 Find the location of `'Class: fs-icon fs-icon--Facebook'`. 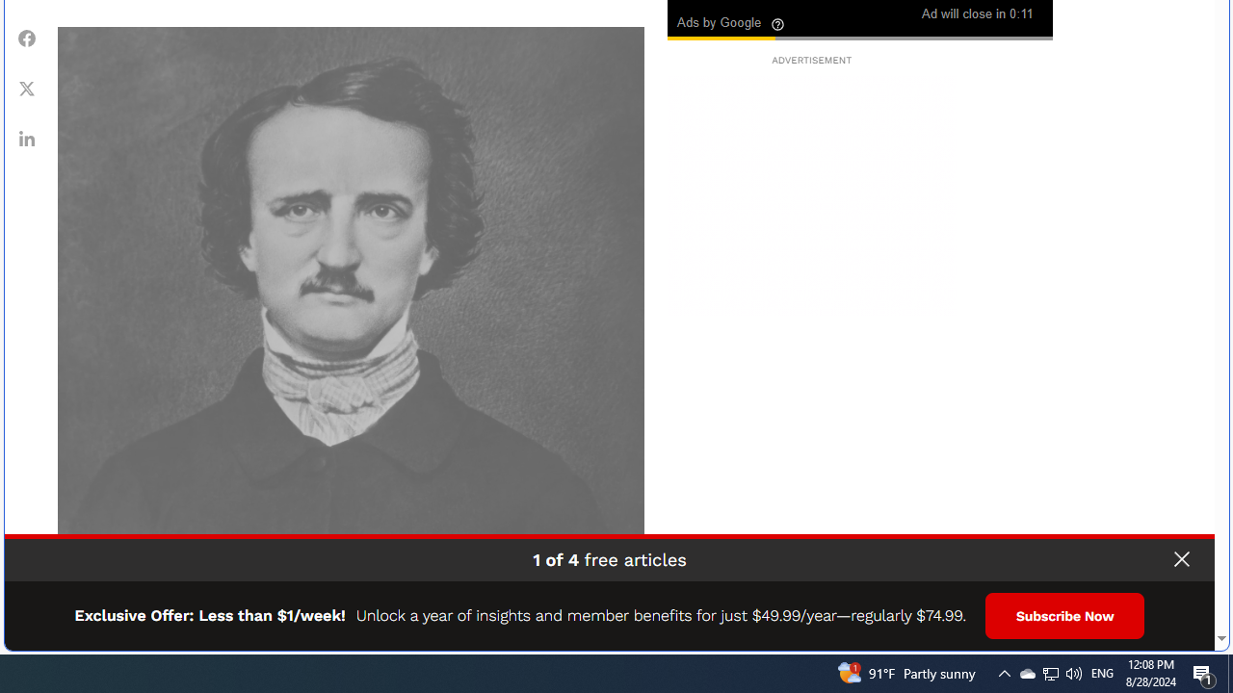

'Class: fs-icon fs-icon--Facebook' is located at coordinates (27, 38).